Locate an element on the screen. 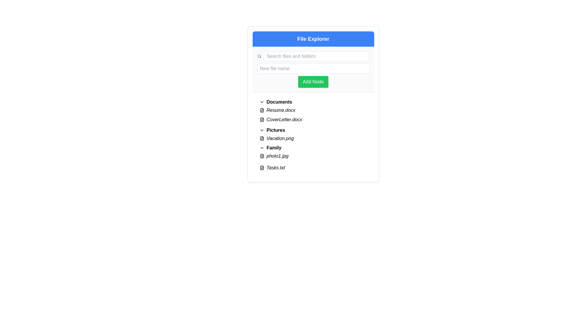 The image size is (564, 317). the submission button for adding a new node or entry, which is located directly below the input field for 'New file name' is located at coordinates (313, 75).